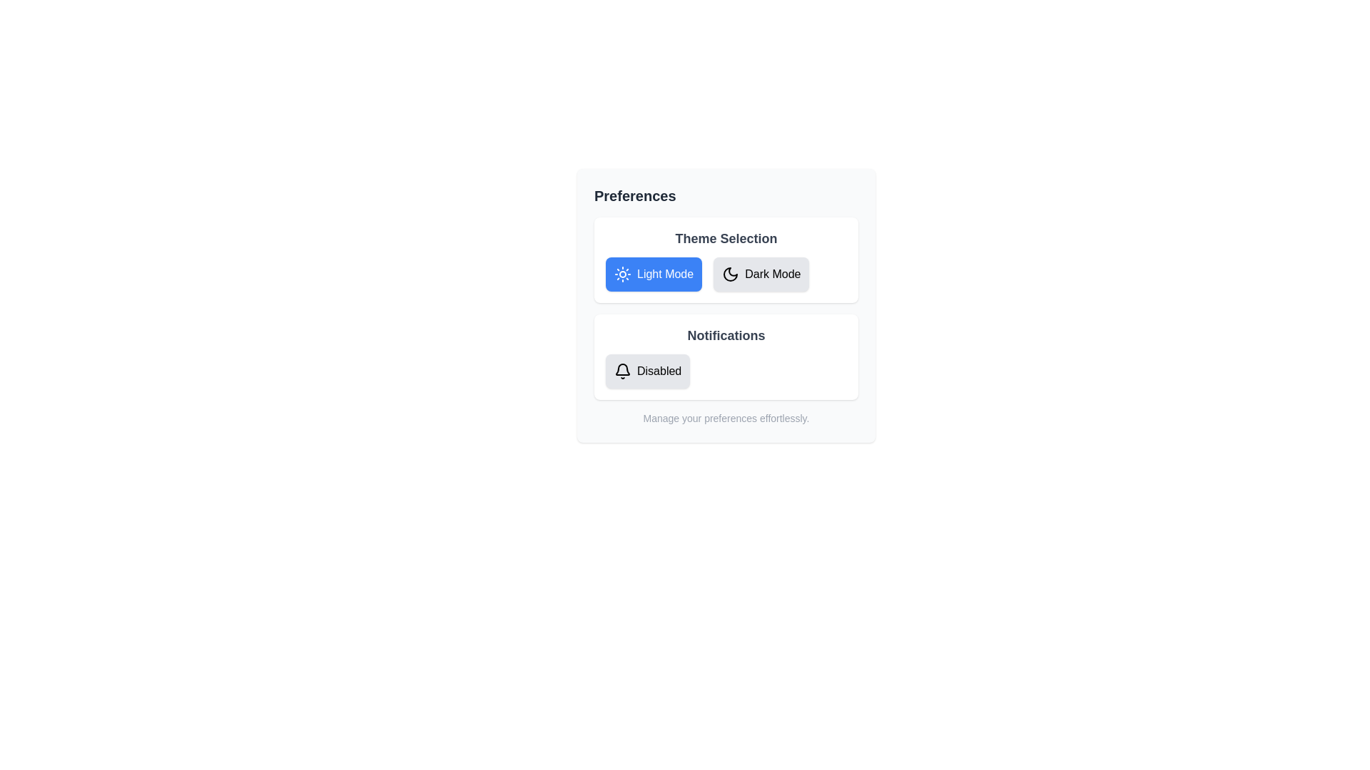 This screenshot has width=1370, height=770. What do you see at coordinates (726, 417) in the screenshot?
I see `the text label that reads 'Manage your preferences effortlessly,' which is styled in gray and located at the center-bottom of the 'Preferences' section beneath the 'Notifications' panel` at bounding box center [726, 417].